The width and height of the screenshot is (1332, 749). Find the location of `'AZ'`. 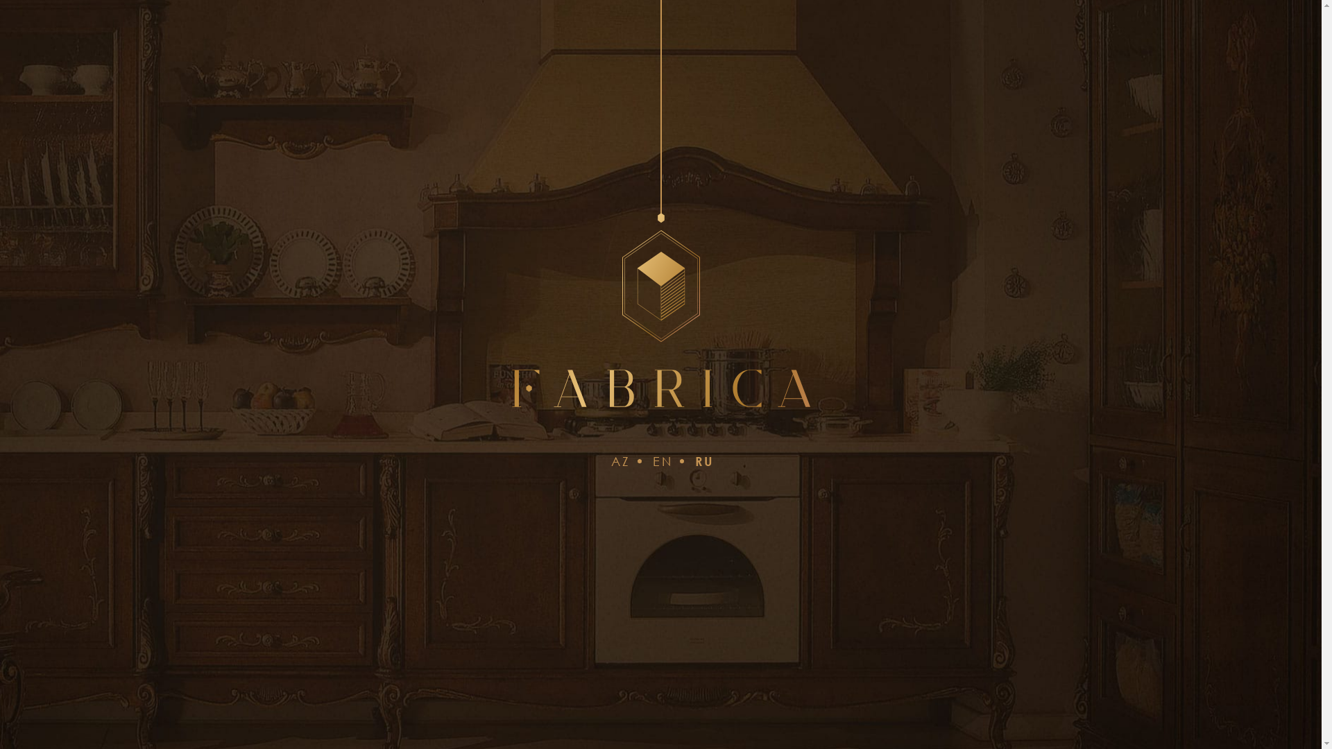

'AZ' is located at coordinates (610, 460).